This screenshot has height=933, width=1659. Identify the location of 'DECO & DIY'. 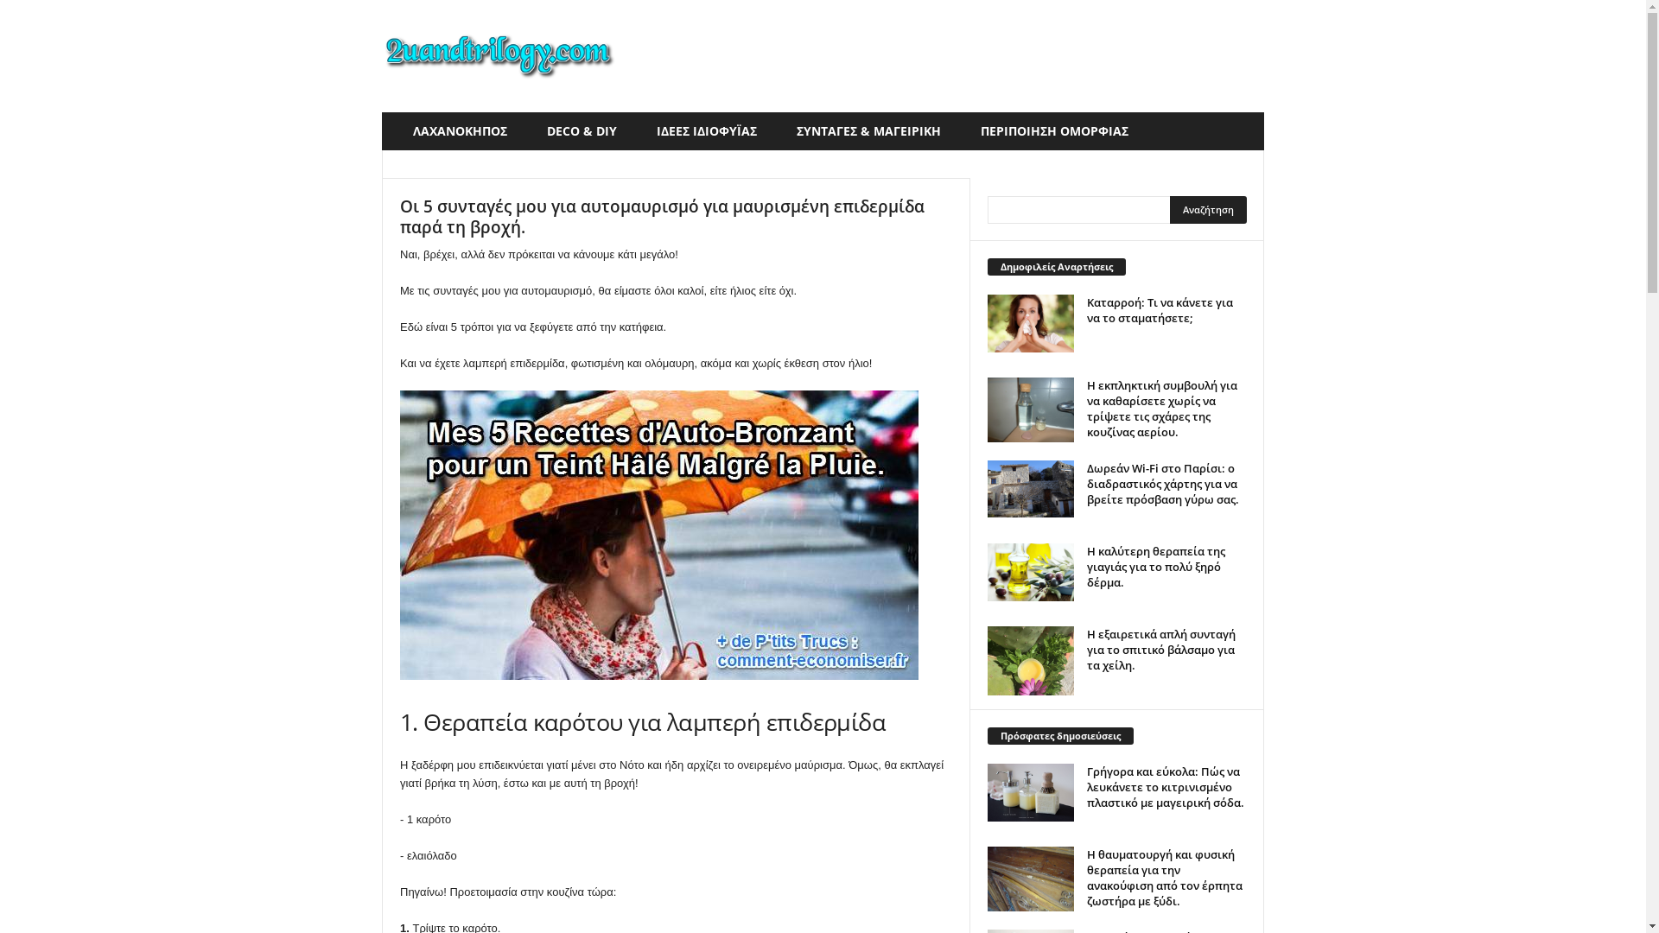
(588, 130).